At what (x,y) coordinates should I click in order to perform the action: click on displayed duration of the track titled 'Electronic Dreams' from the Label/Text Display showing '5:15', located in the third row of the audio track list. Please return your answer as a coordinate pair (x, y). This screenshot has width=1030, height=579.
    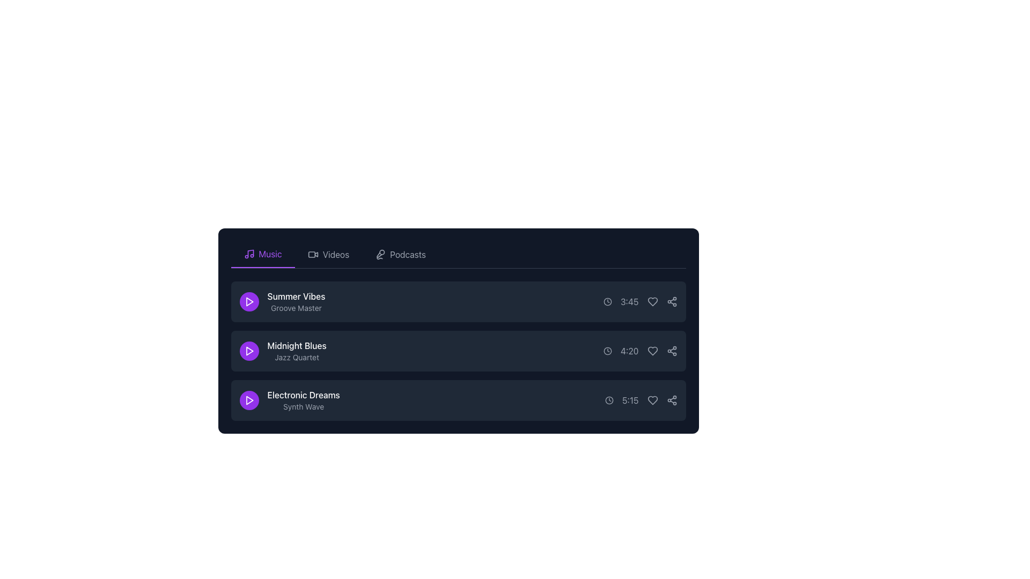
    Looking at the image, I should click on (630, 400).